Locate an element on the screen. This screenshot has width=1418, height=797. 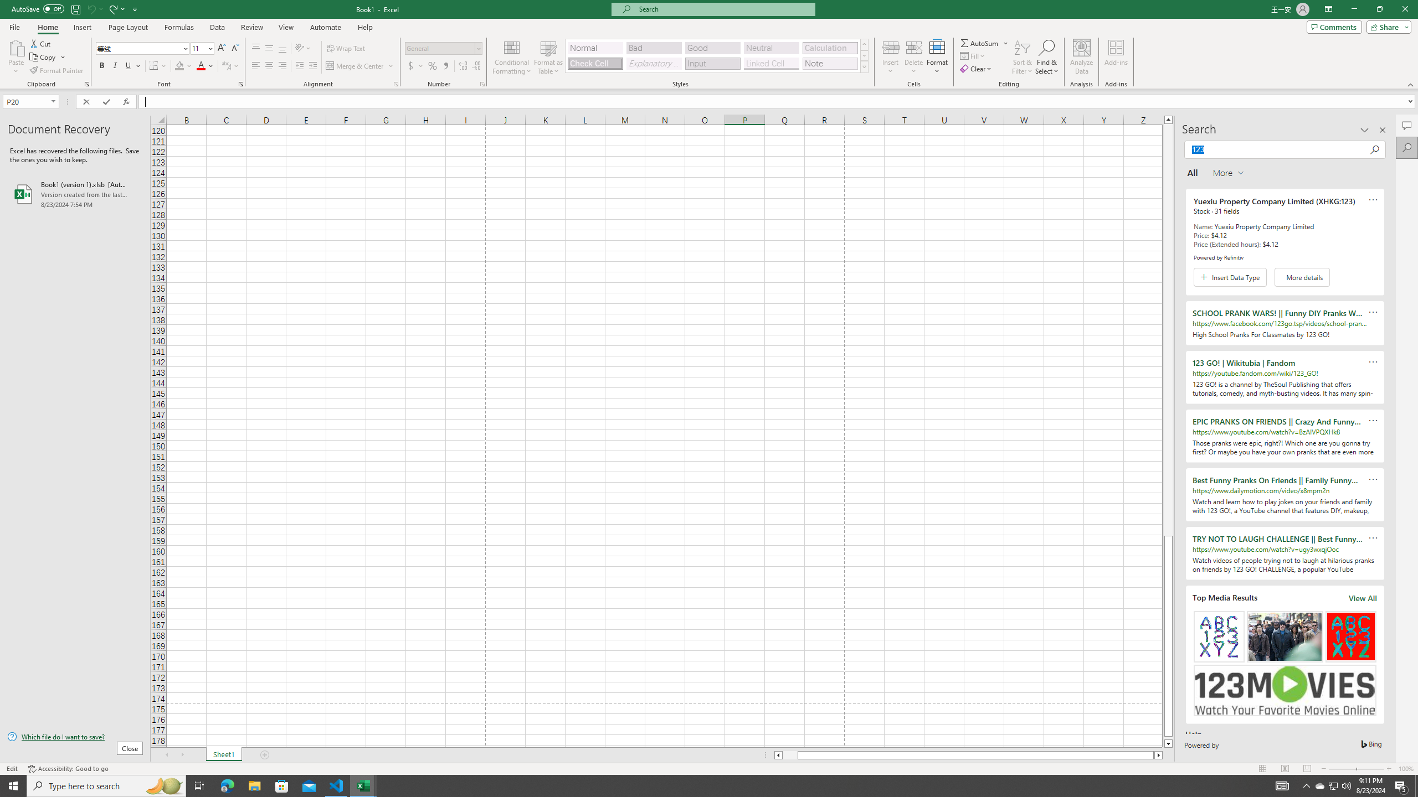
'Office Clipboard...' is located at coordinates (86, 83).